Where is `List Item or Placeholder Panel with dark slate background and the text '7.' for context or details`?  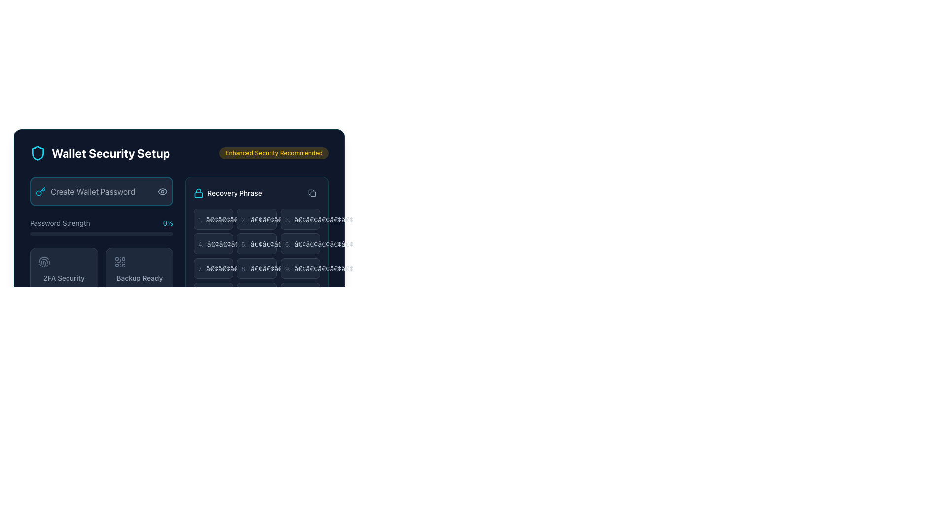 List Item or Placeholder Panel with dark slate background and the text '7.' for context or details is located at coordinates (213, 268).